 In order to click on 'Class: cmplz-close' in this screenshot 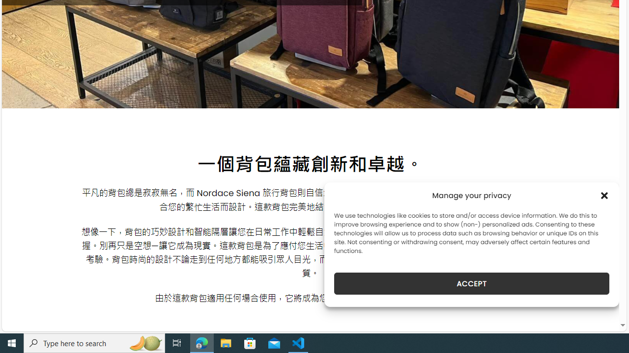, I will do `click(604, 195)`.